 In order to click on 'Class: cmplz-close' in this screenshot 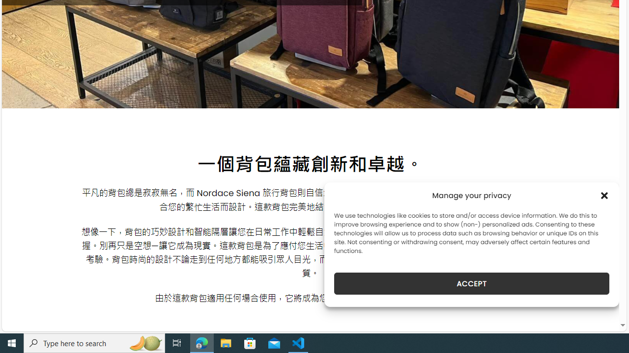, I will do `click(604, 195)`.